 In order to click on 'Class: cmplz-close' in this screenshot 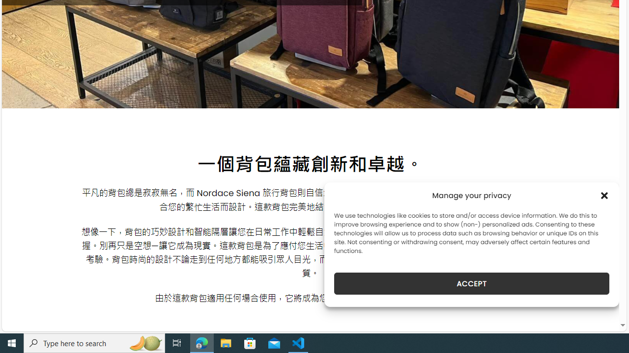, I will do `click(604, 195)`.